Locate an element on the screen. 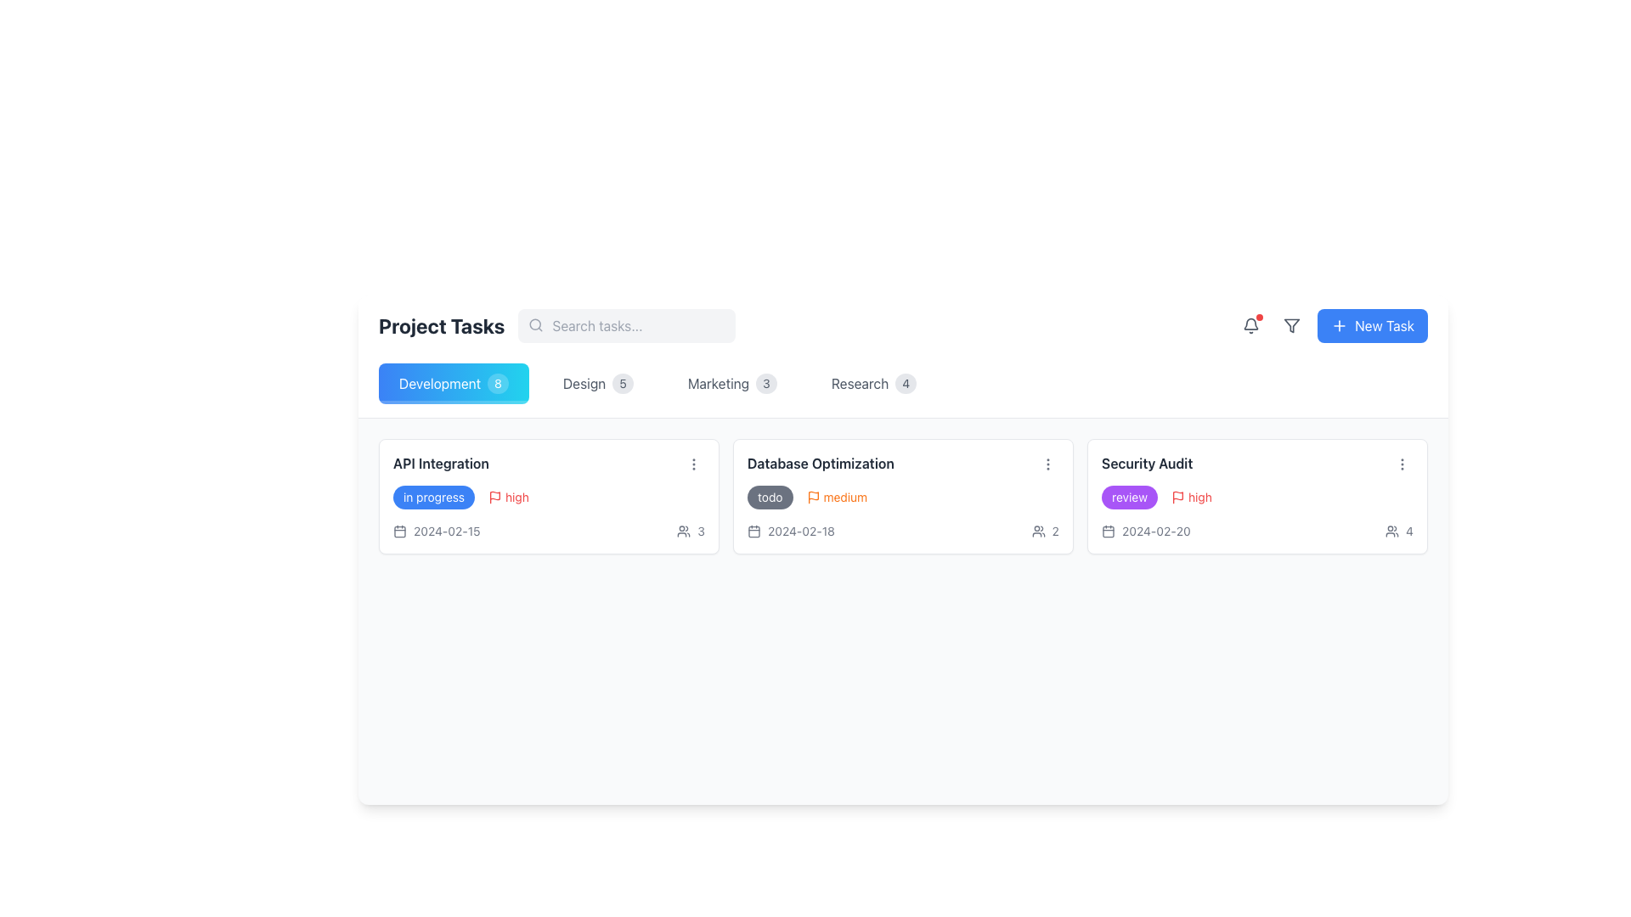 The width and height of the screenshot is (1631, 917). the count displayed on the gray rounded badge containing the number '3', located to the right of the text 'Marketing' is located at coordinates (765, 383).